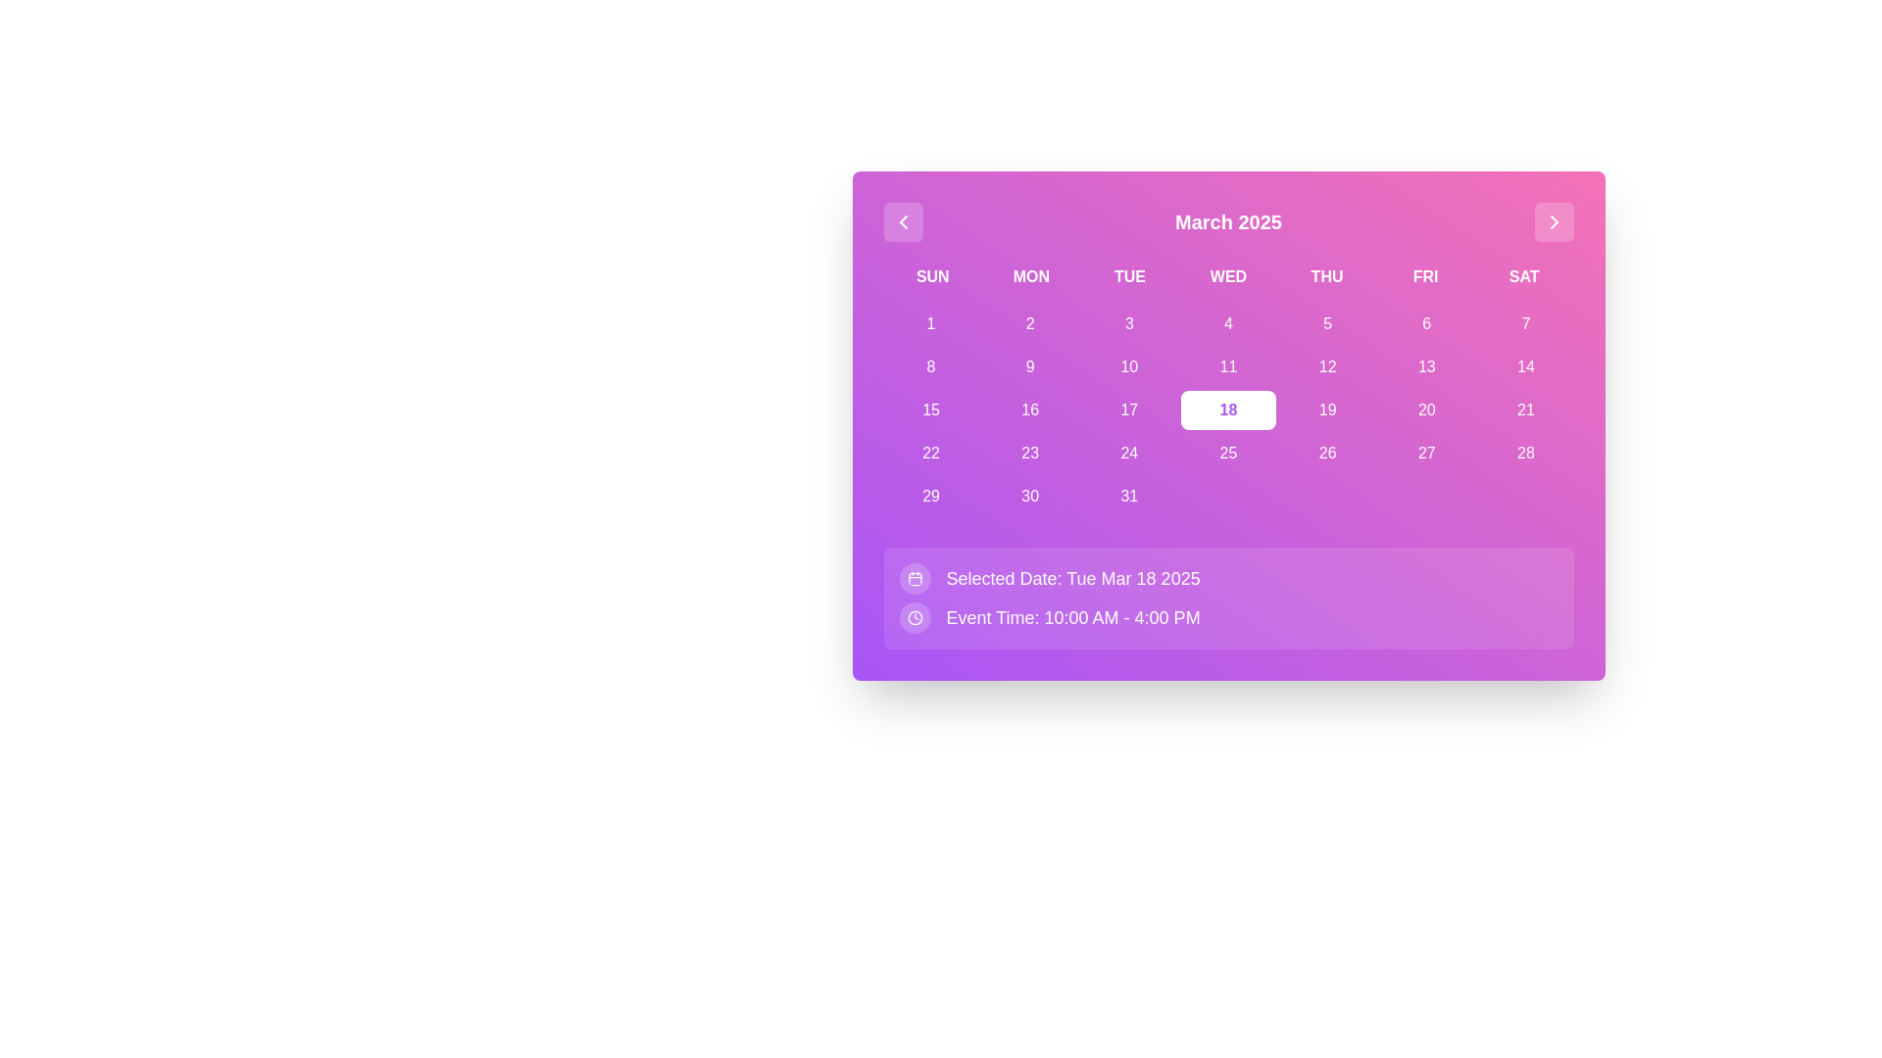 This screenshot has width=1882, height=1058. Describe the element at coordinates (1129, 409) in the screenshot. I see `the square button displaying the number '17' in white on a purple background` at that location.